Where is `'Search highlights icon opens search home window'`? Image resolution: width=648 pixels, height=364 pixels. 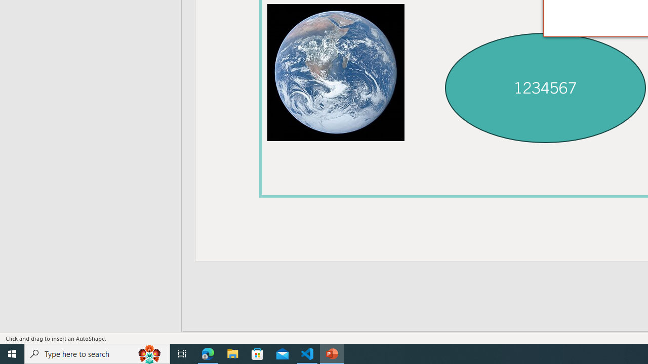 'Search highlights icon opens search home window' is located at coordinates (149, 353).